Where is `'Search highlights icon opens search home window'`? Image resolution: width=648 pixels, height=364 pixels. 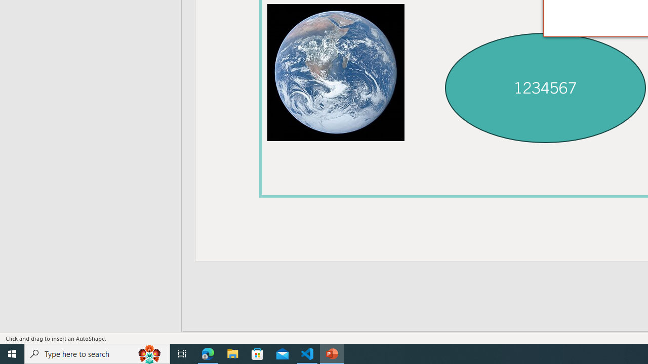 'Search highlights icon opens search home window' is located at coordinates (149, 353).